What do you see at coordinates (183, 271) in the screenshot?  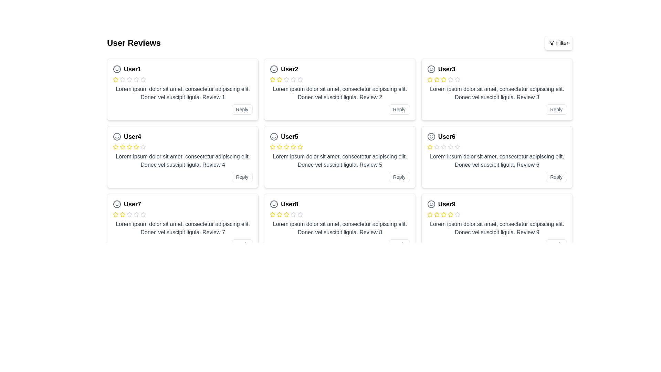 I see `the user identifier displayed in the Text label with associated icon located in the second row, third column of the user review card grid` at bounding box center [183, 271].